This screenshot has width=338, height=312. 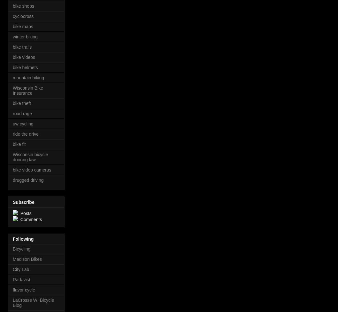 I want to click on 'LaCrosse WI Bicycle Blog', so click(x=33, y=302).